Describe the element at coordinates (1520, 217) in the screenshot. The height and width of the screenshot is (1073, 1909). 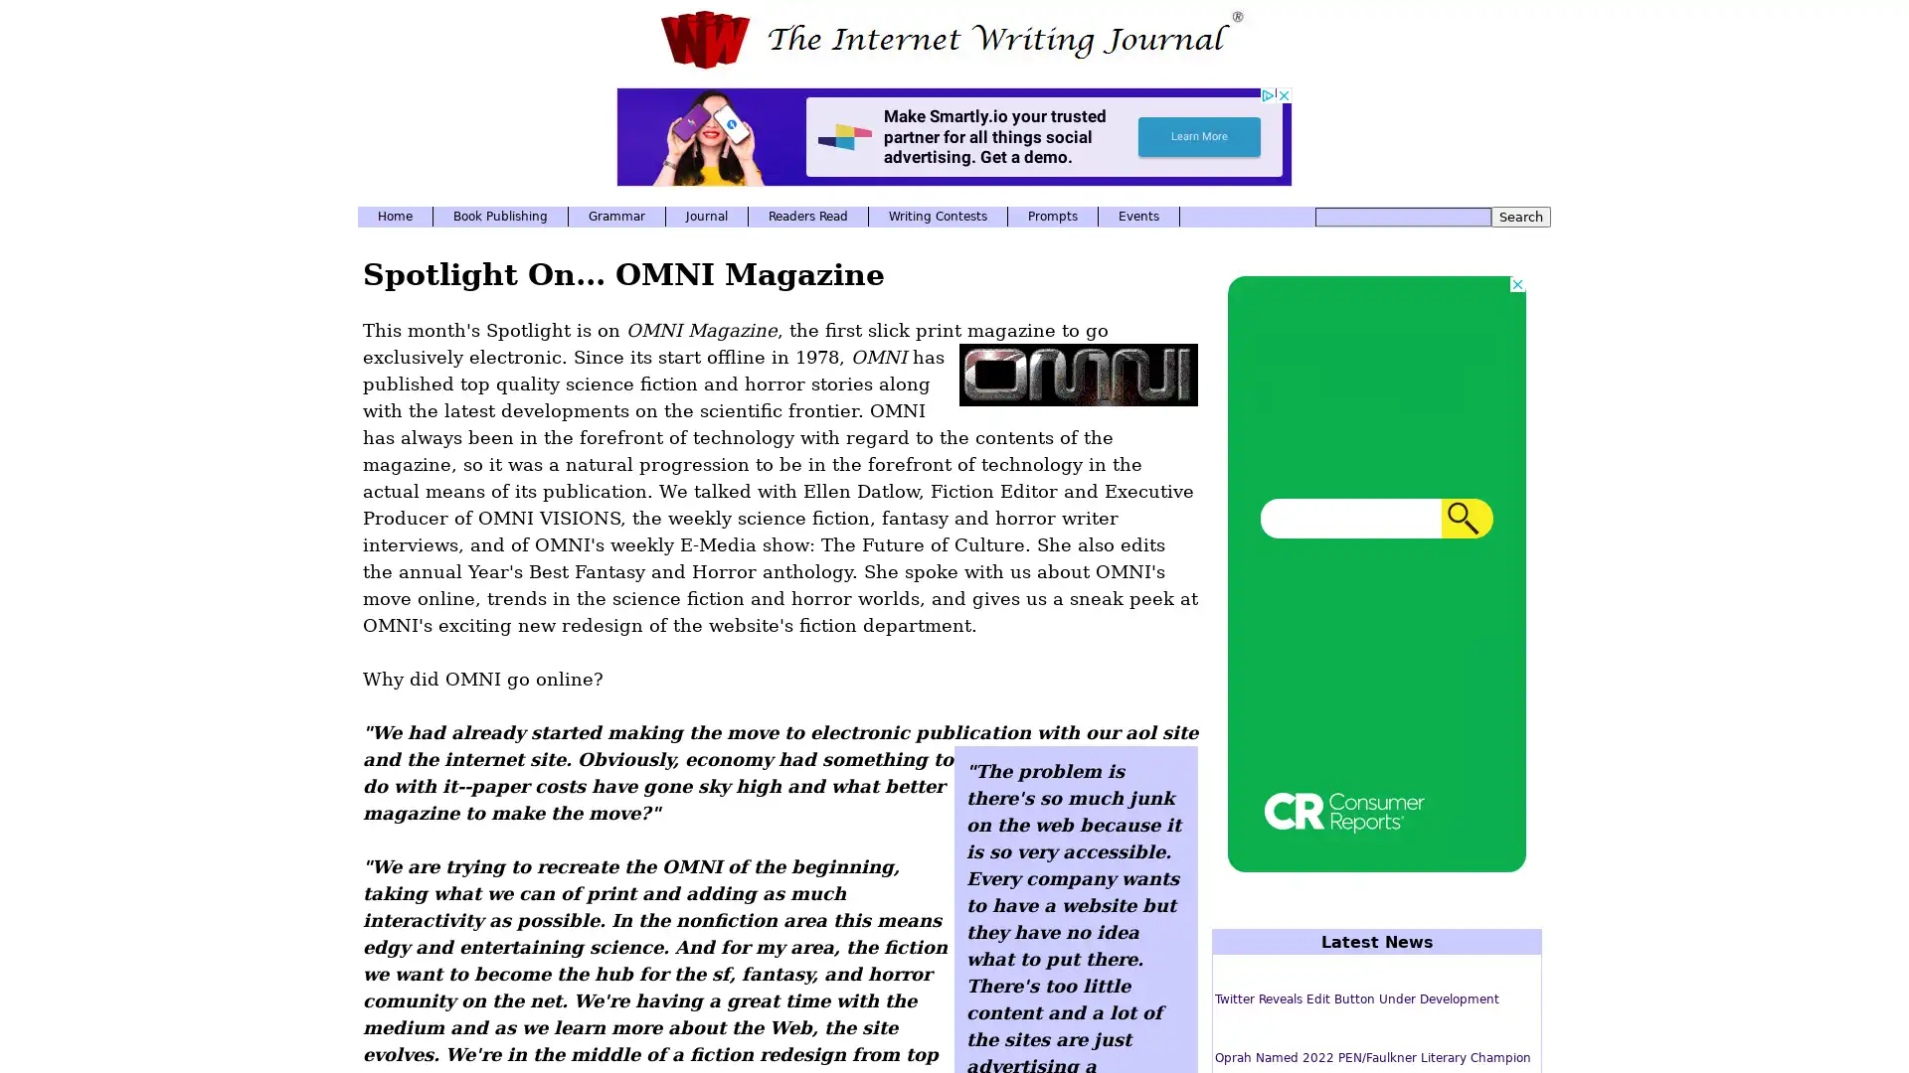
I see `Search` at that location.